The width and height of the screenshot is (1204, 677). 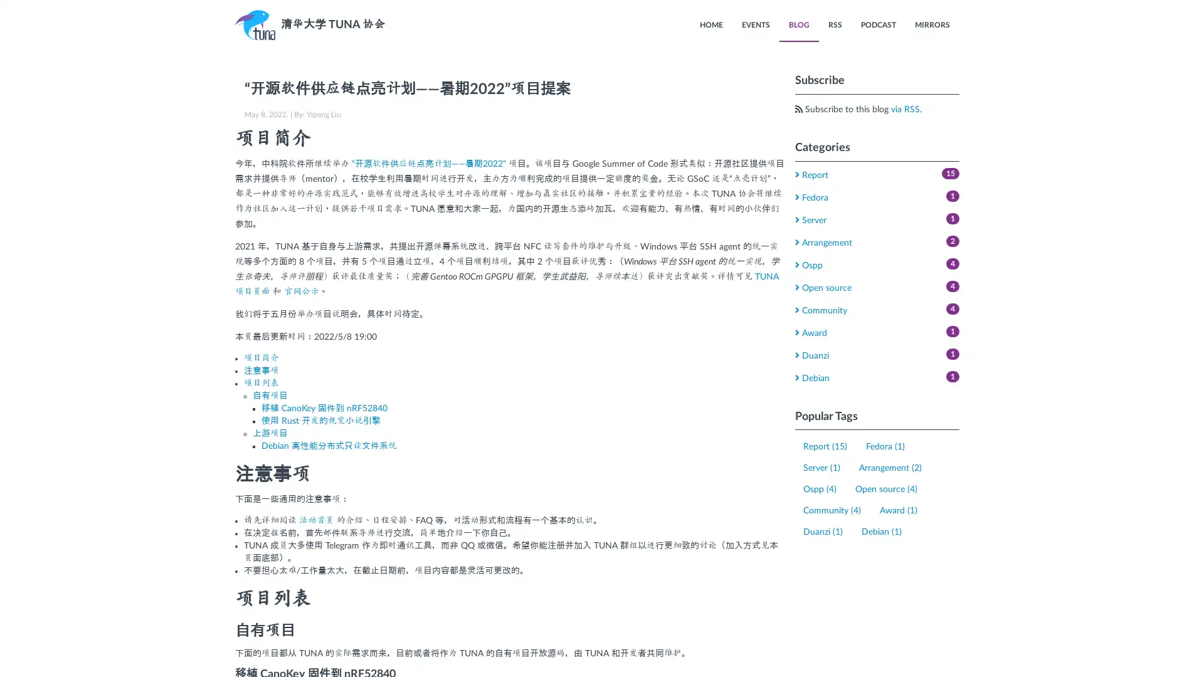 I want to click on Fedora (1), so click(x=884, y=446).